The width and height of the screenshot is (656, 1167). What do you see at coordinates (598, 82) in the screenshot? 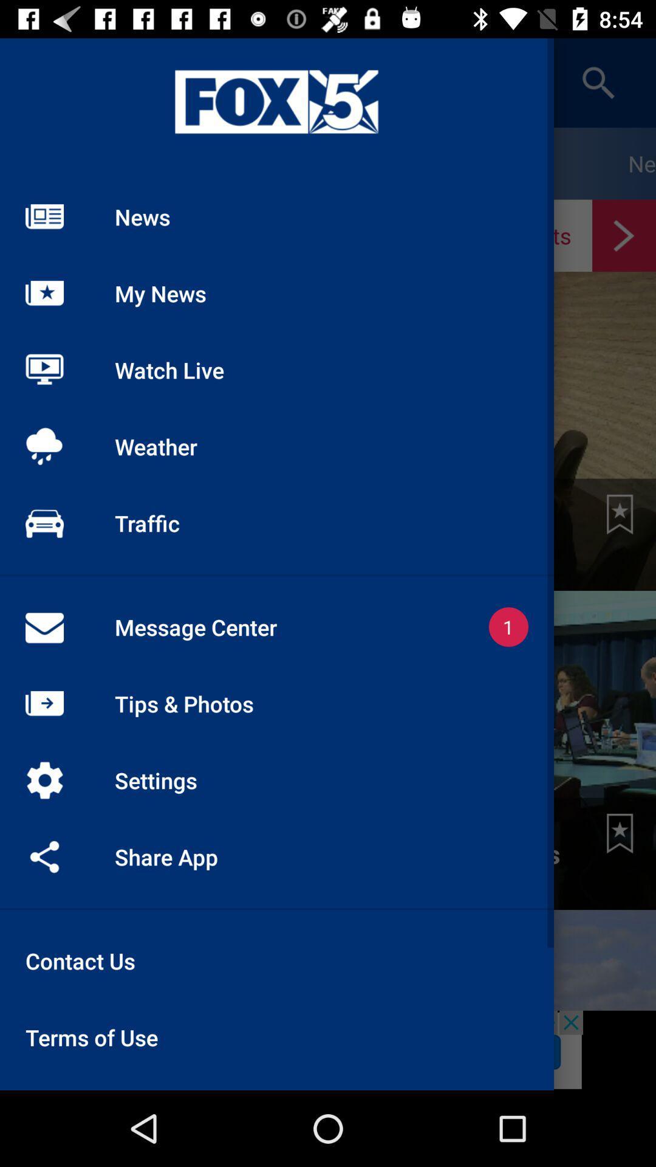
I see `the search icon` at bounding box center [598, 82].